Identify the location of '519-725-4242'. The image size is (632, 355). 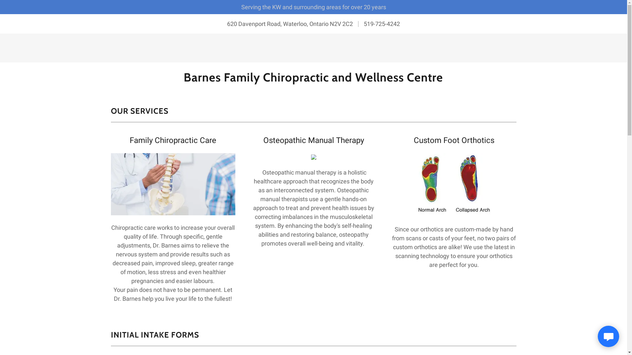
(382, 23).